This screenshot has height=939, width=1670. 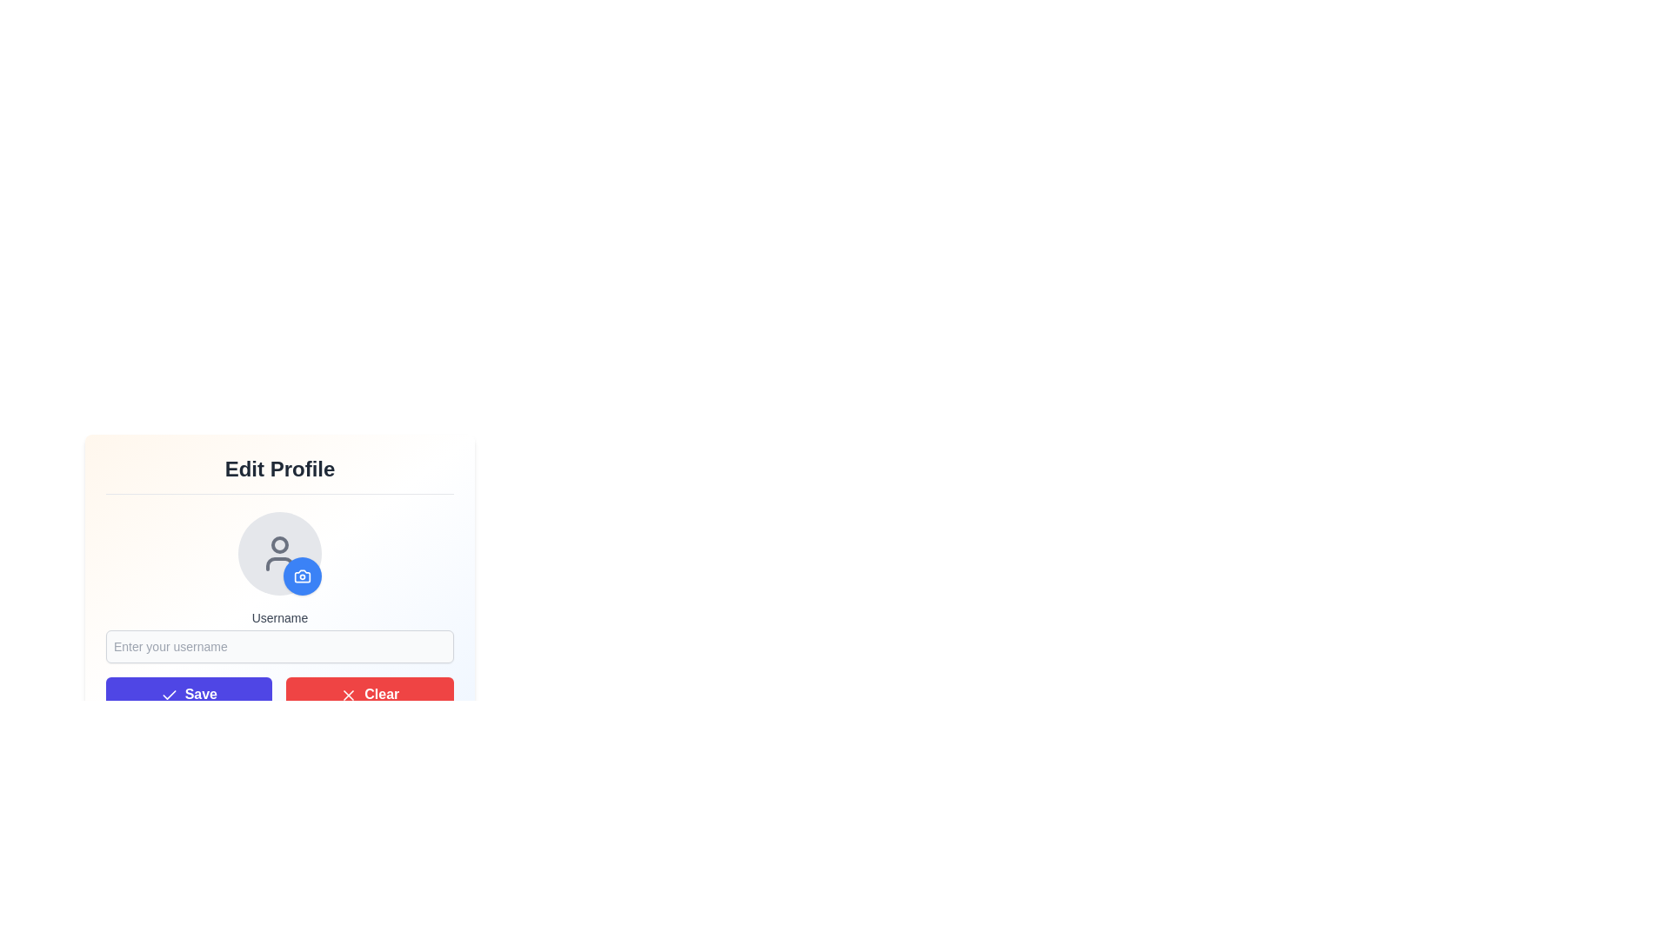 I want to click on the 'Edit Profile' textual header, which is a bold, large dark gray label located at the top of the form area, so click(x=279, y=475).